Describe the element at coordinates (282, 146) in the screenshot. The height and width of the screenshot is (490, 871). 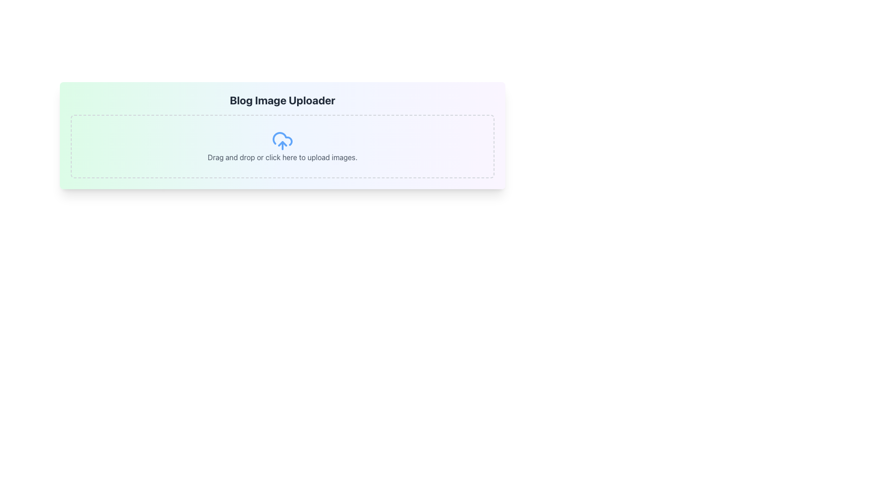
I see `and drop files onto the interactive upload area featuring a cloud icon and upload text, located in the main content section below the 'Blog Image Uploader' title` at that location.